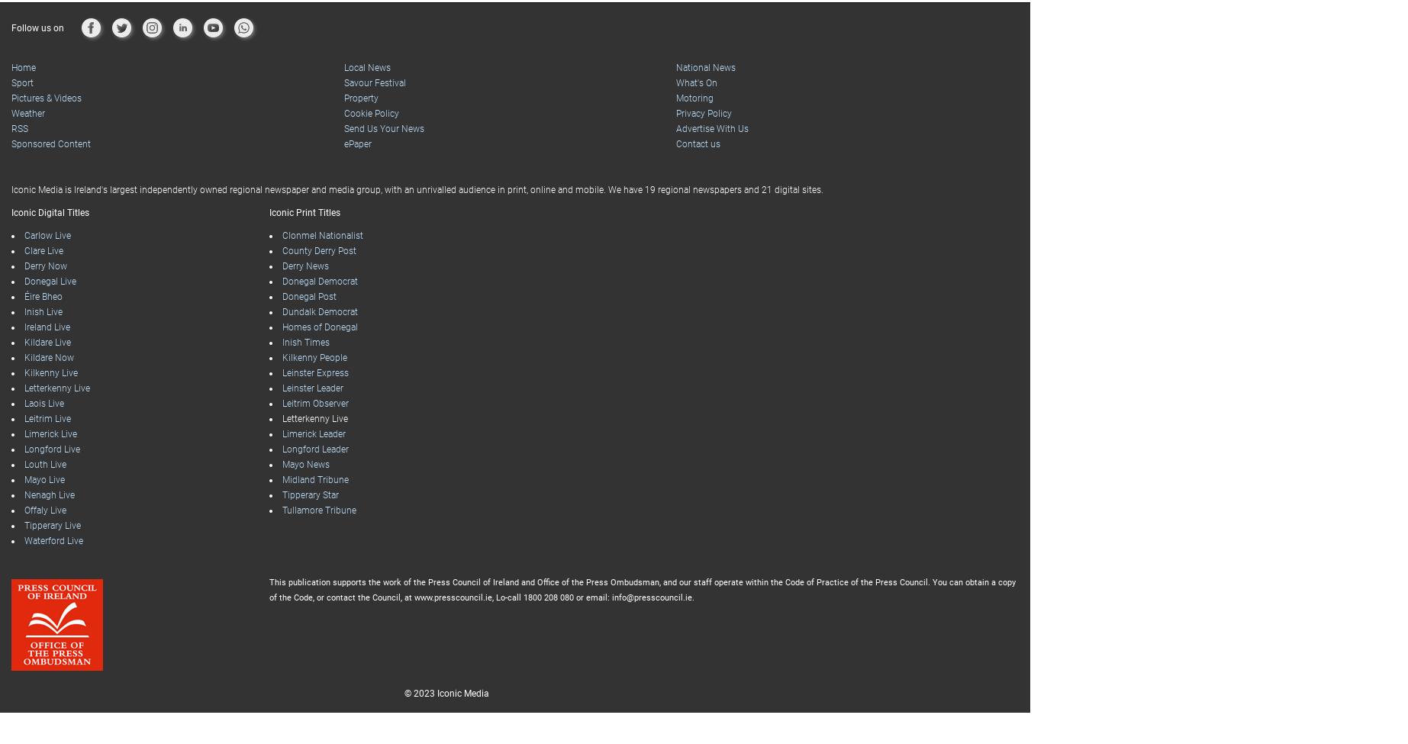 This screenshot has height=744, width=1408. I want to click on 'Kildare Live', so click(47, 312).